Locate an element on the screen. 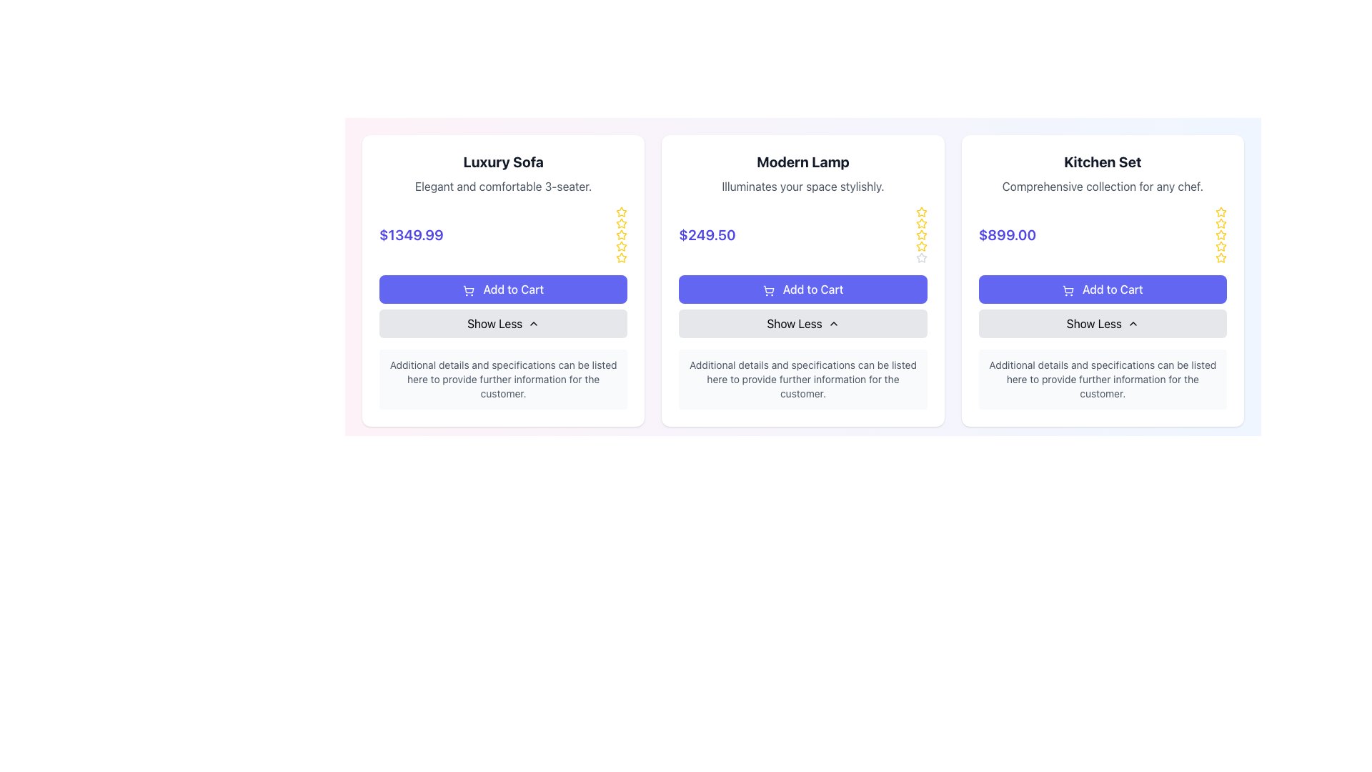 This screenshot has height=772, width=1372. the 'Add to Cart' button, which is a vibrant indigo rectangular button with rounded corners and white text, located in the third card from the left, just below the price tag of '$899.00' is located at coordinates (1102, 289).